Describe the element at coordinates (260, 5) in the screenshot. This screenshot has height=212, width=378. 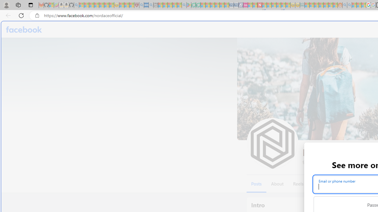
I see `'Latest Politics News & Archive | Newsweek.com - Sleeping'` at that location.